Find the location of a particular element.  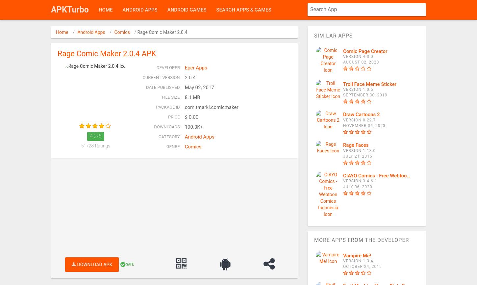

'2.0.4' is located at coordinates (185, 77).